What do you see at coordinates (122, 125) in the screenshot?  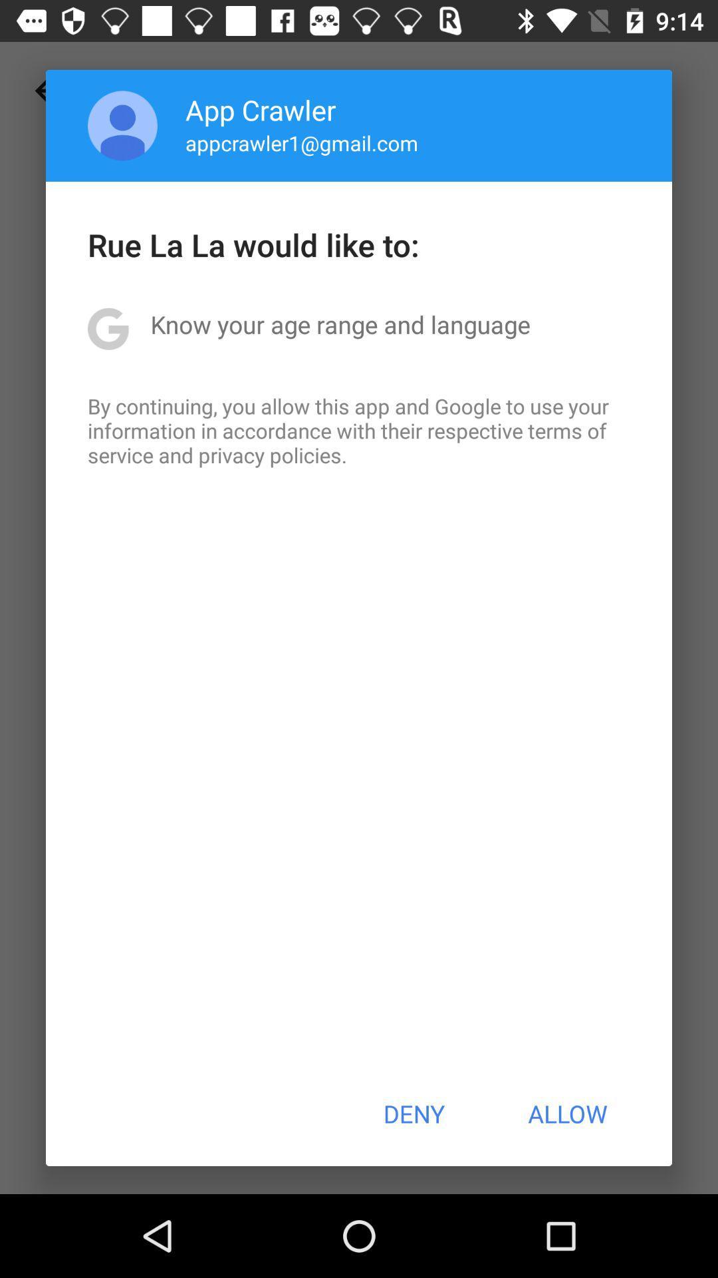 I see `the icon to the left of app crawler app` at bounding box center [122, 125].